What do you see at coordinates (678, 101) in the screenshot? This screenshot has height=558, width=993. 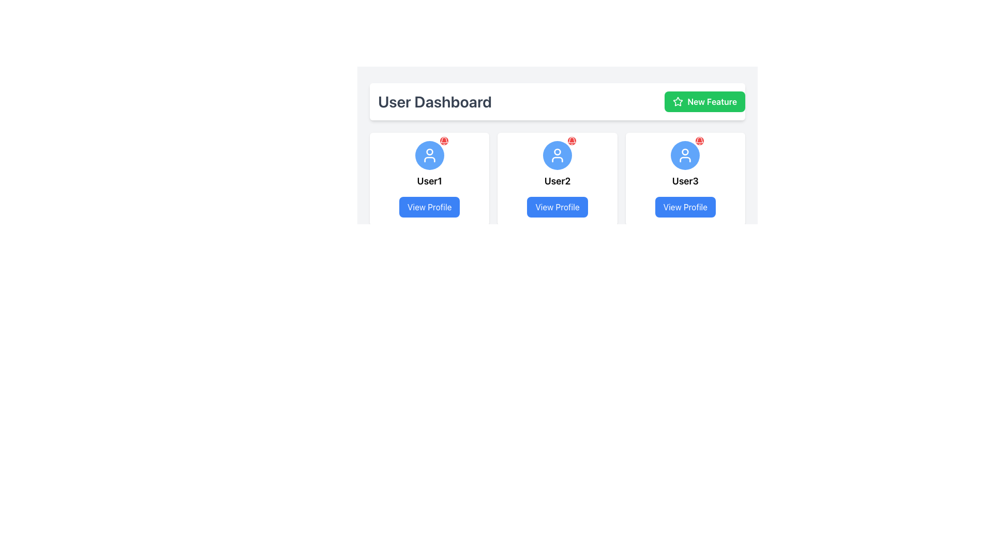 I see `the star icon associated with the 'New Feature' button located in the top-right section of the interface to interact with it` at bounding box center [678, 101].